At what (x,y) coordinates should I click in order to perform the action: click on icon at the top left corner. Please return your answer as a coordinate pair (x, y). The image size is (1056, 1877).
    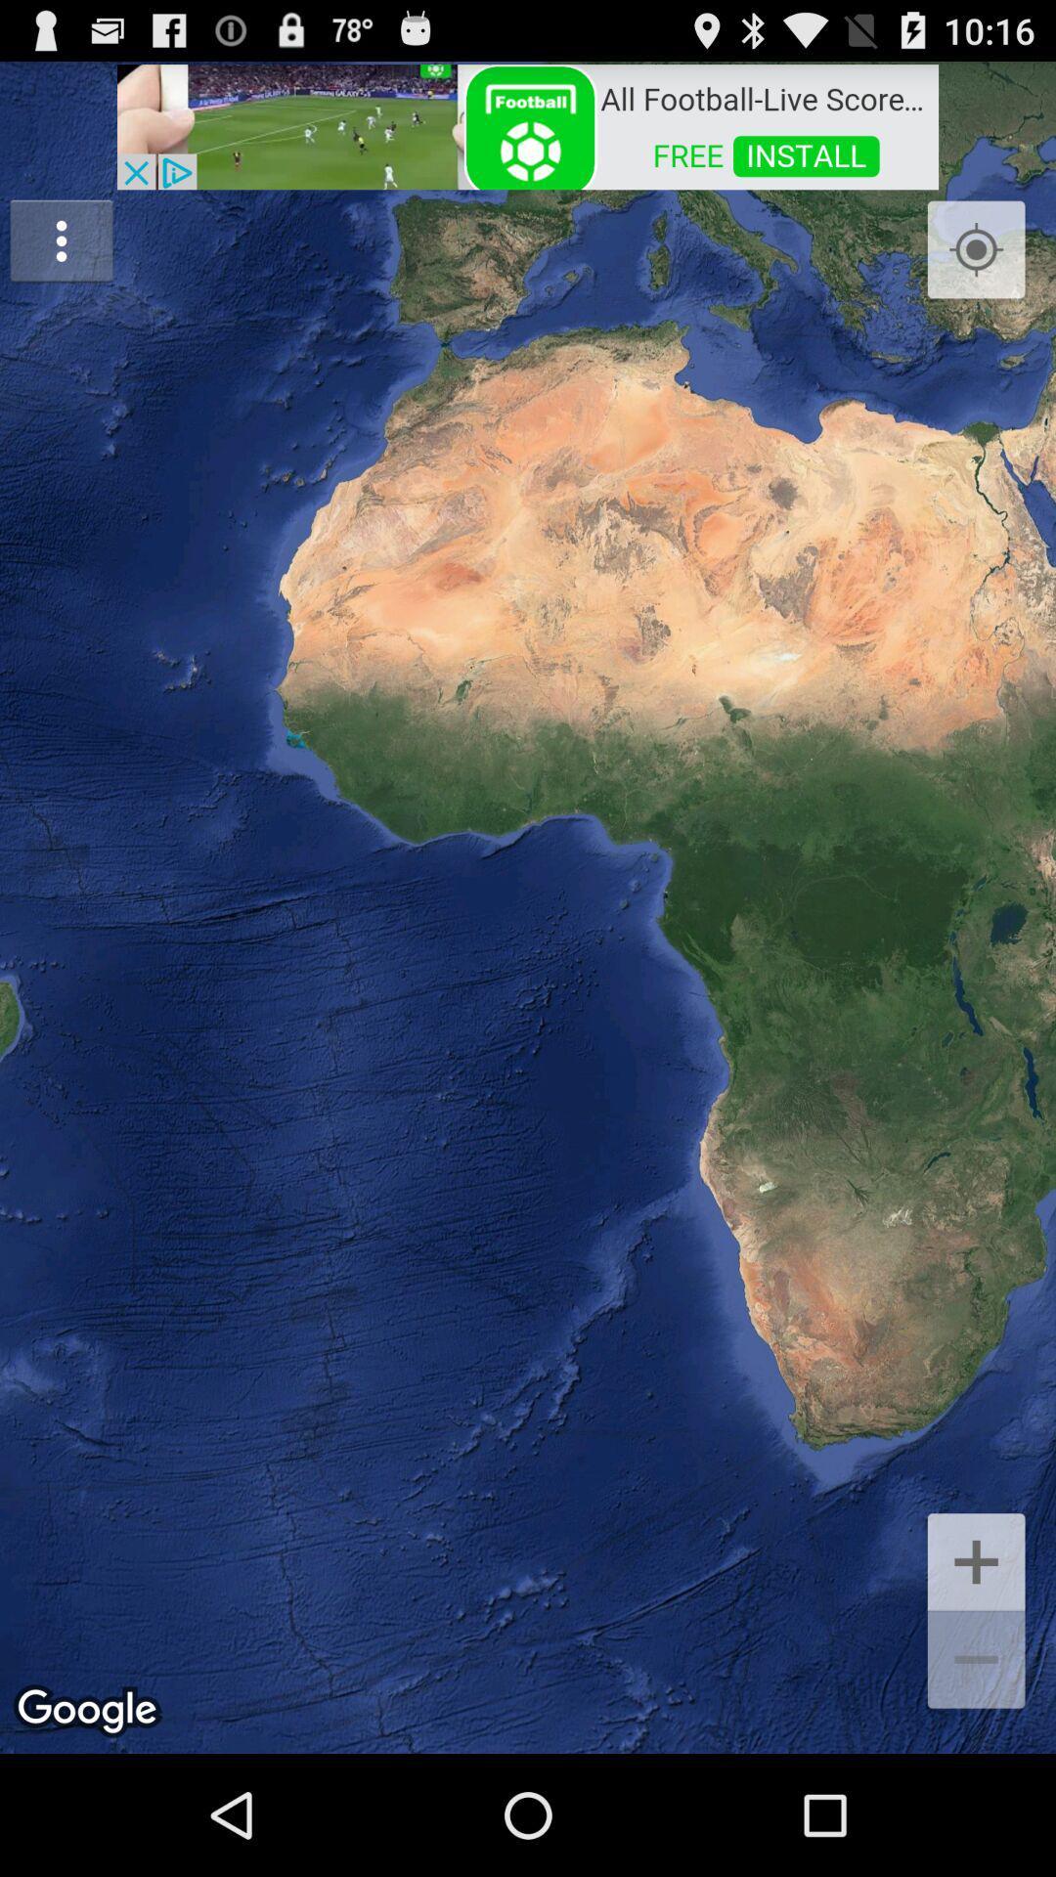
    Looking at the image, I should click on (60, 240).